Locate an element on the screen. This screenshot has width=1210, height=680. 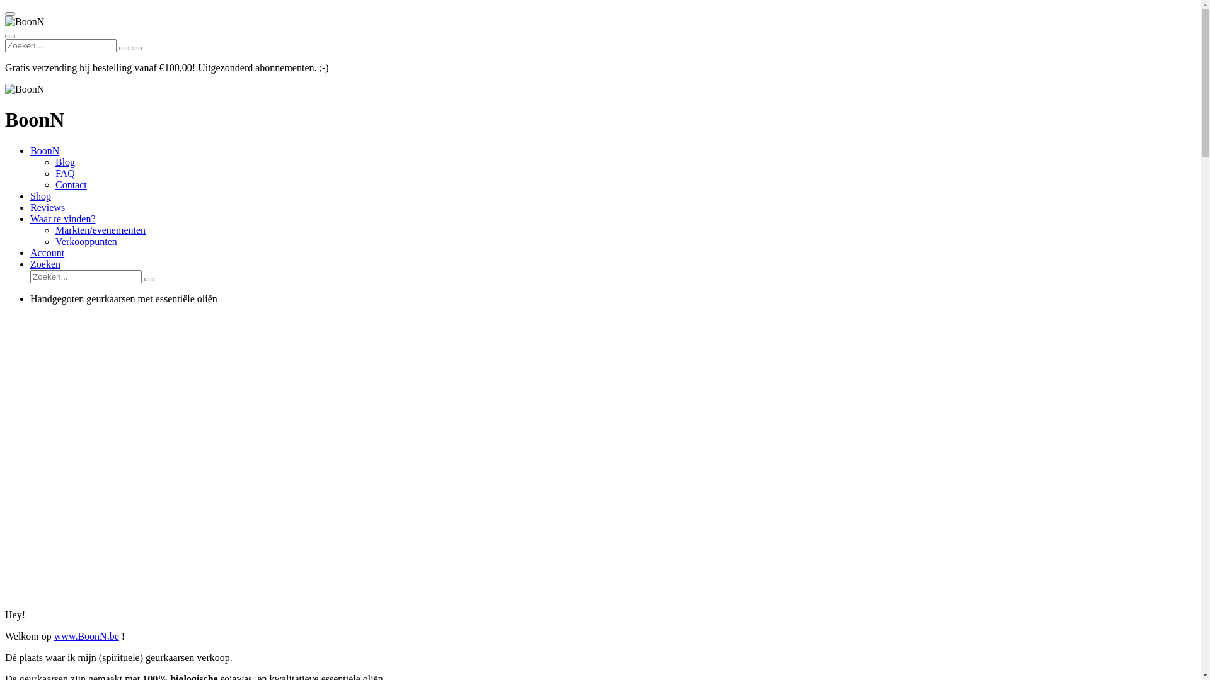
'Account' is located at coordinates (47, 252).